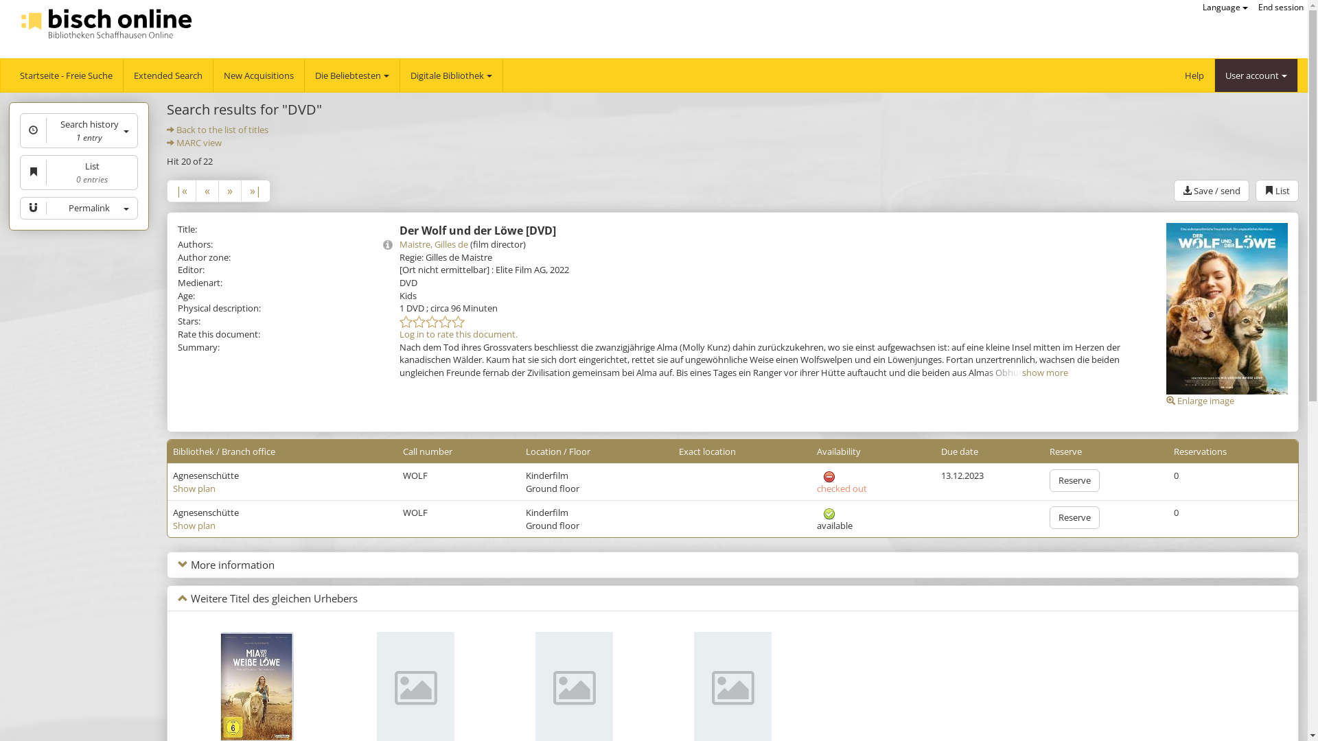 This screenshot has height=741, width=1318. What do you see at coordinates (543, 451) in the screenshot?
I see `'Location'` at bounding box center [543, 451].